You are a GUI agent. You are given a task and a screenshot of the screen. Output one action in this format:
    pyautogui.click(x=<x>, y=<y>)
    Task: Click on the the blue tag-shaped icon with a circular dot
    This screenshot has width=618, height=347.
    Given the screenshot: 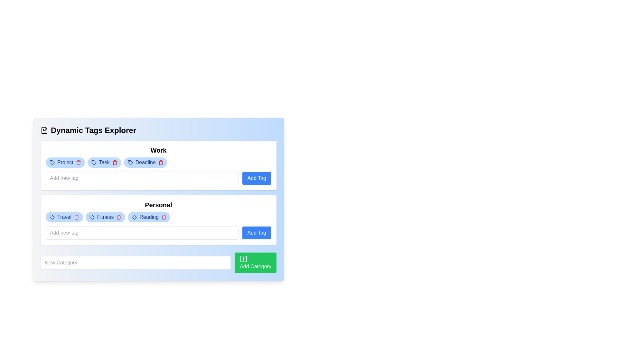 What is the action you would take?
    pyautogui.click(x=93, y=162)
    